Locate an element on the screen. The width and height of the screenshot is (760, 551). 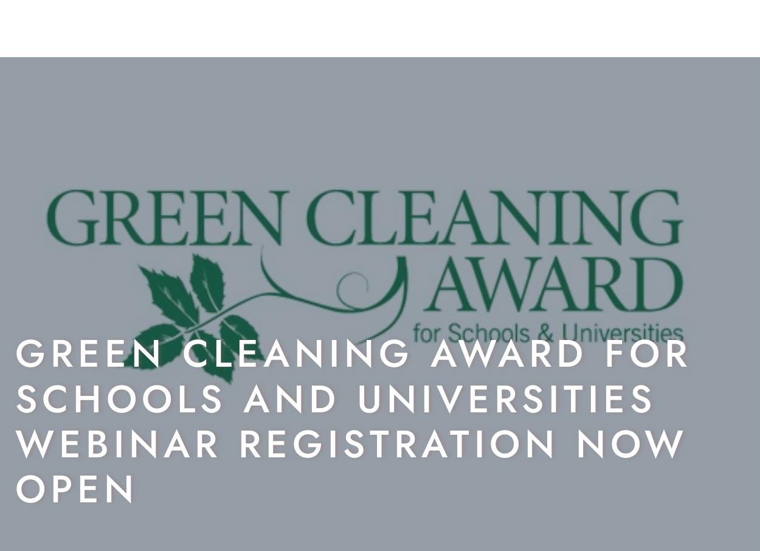
'The Program' is located at coordinates (415, 33).